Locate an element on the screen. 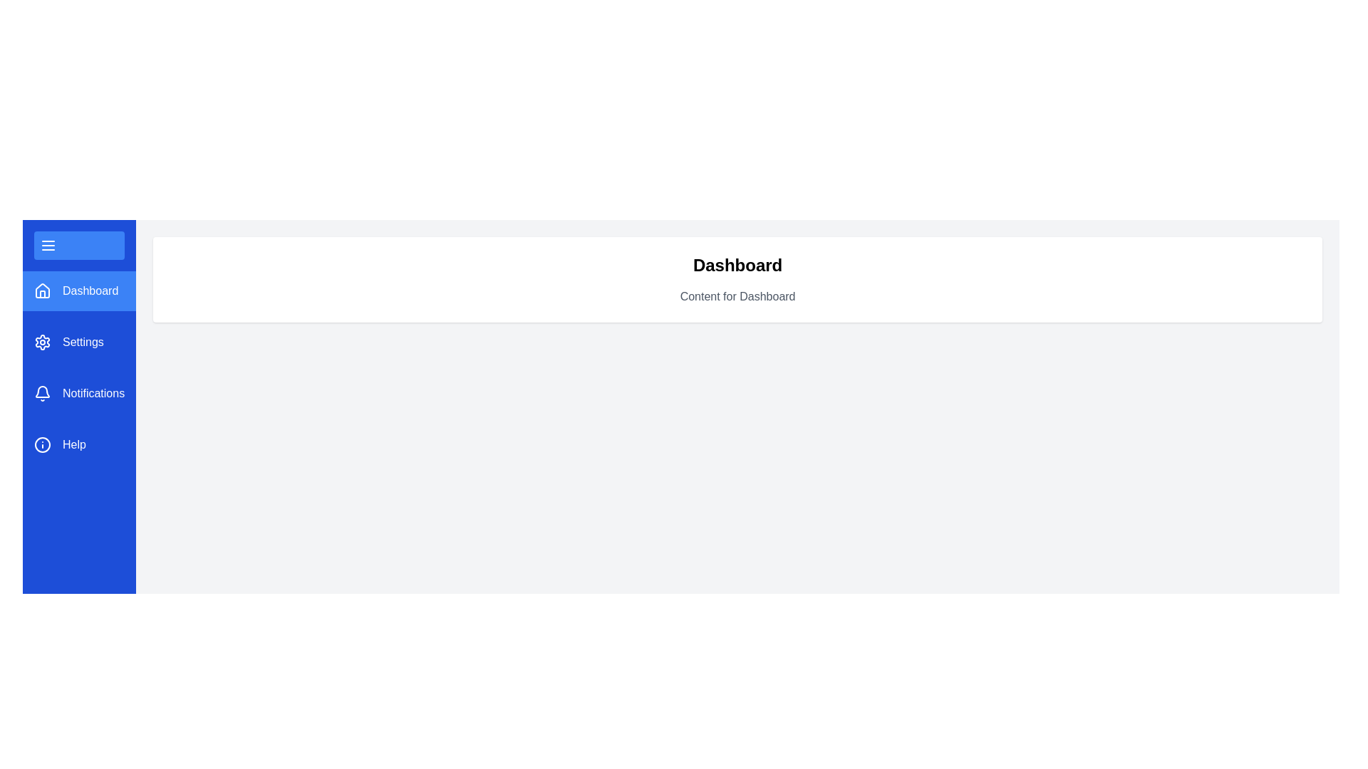 This screenshot has height=769, width=1368. the 'Help' icon located in the lower part of the left sidebar, which precedes the text 'Help' is located at coordinates (42, 444).